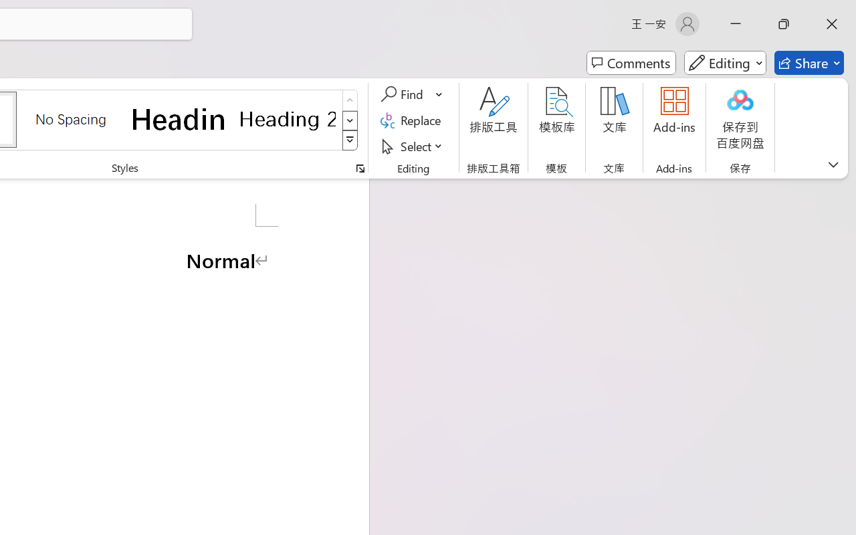 This screenshot has width=856, height=535. What do you see at coordinates (179, 118) in the screenshot?
I see `'Heading 1'` at bounding box center [179, 118].